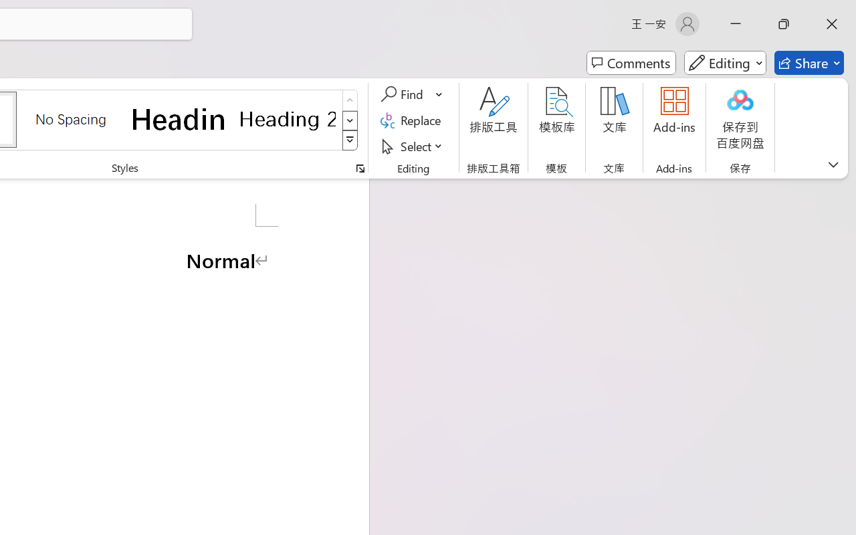 This screenshot has width=856, height=535. What do you see at coordinates (179, 118) in the screenshot?
I see `'Heading 1'` at bounding box center [179, 118].